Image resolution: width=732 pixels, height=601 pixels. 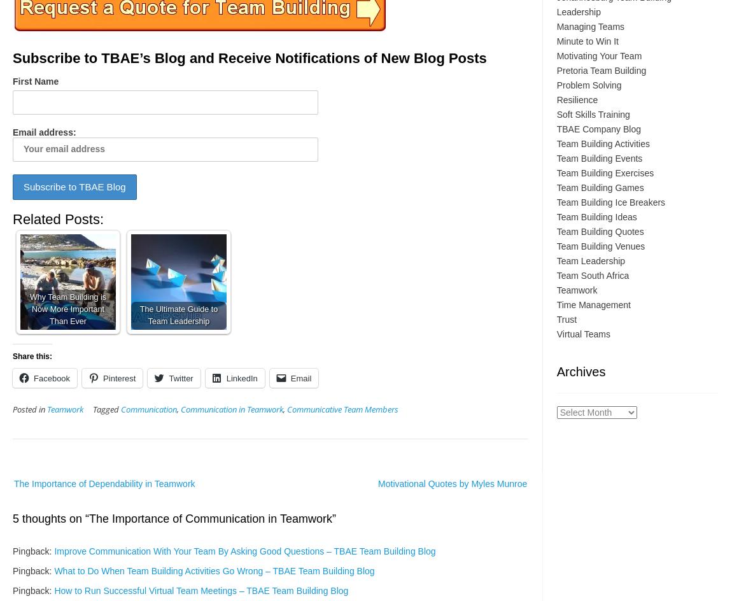 I want to click on 'Pinterest', so click(x=118, y=378).